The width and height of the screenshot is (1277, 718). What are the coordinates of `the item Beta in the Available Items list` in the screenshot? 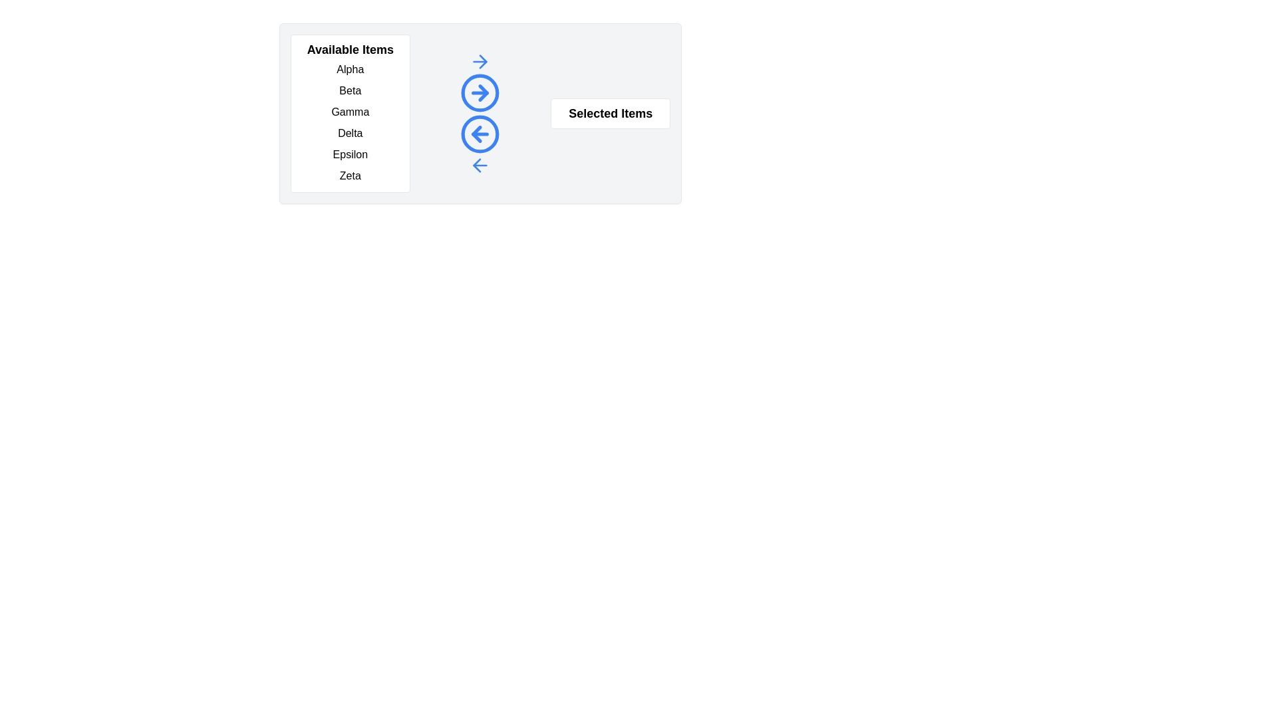 It's located at (350, 90).